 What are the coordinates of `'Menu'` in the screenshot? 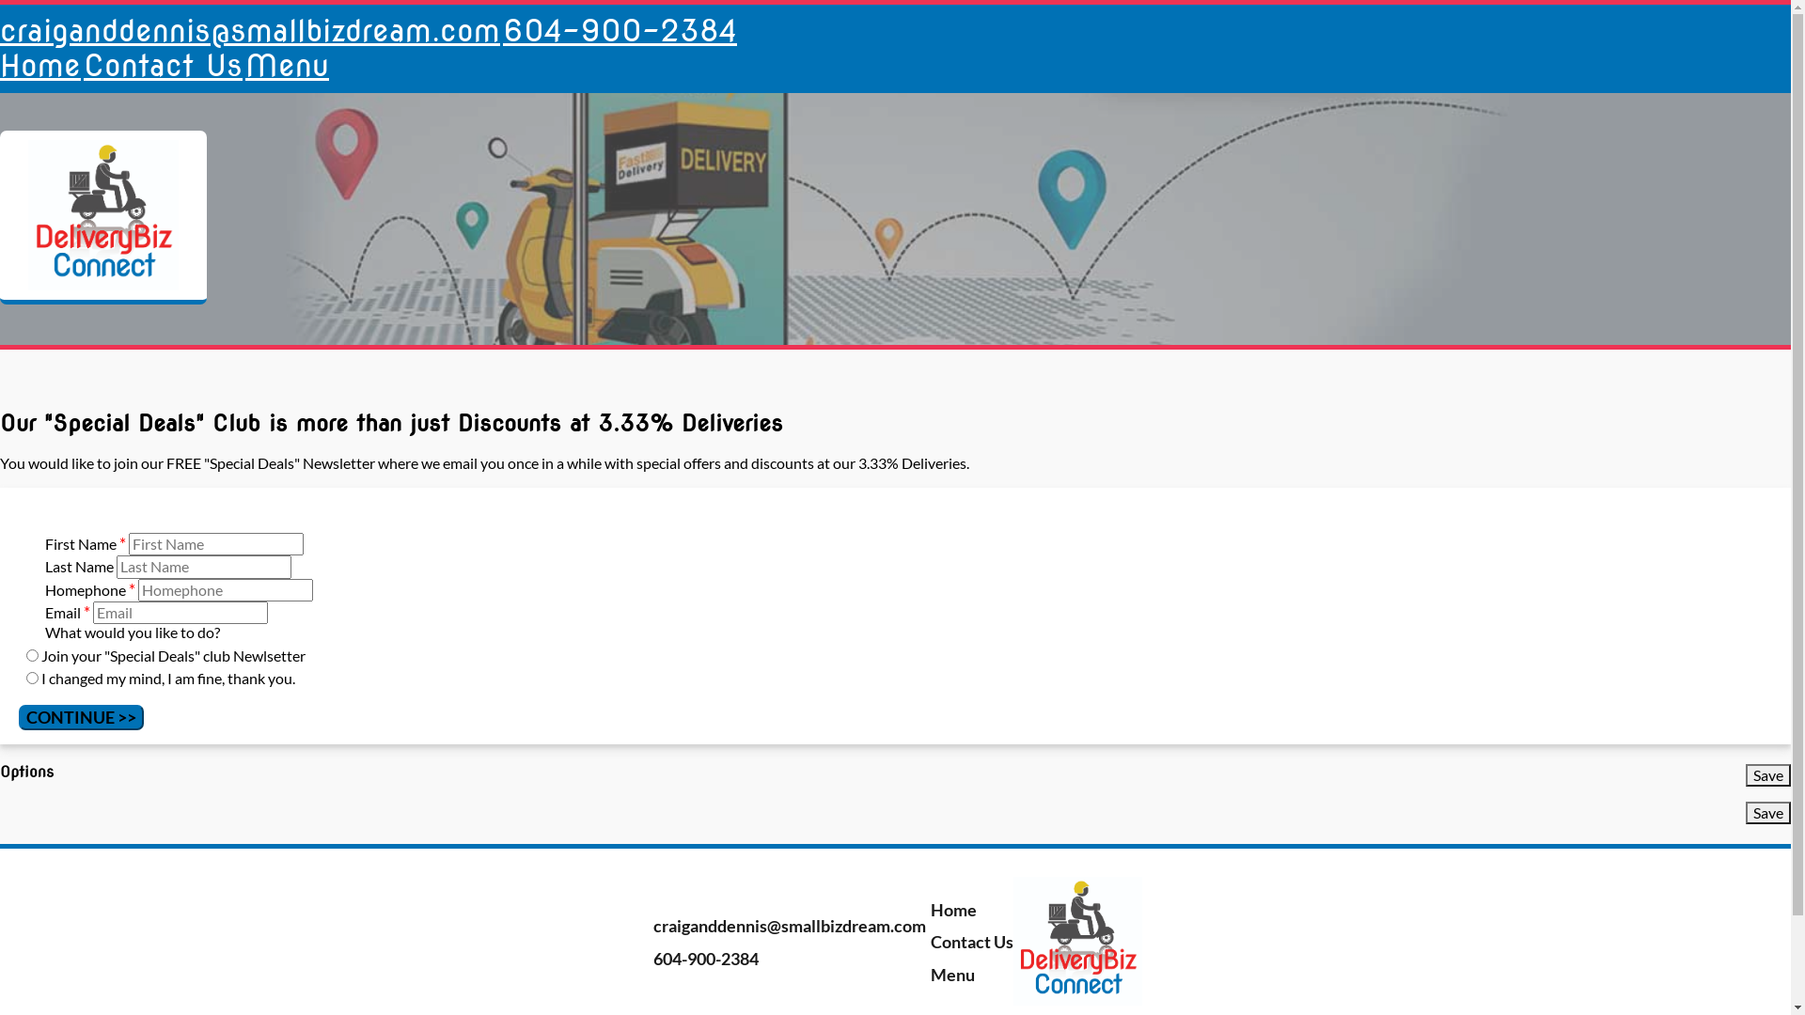 It's located at (286, 64).